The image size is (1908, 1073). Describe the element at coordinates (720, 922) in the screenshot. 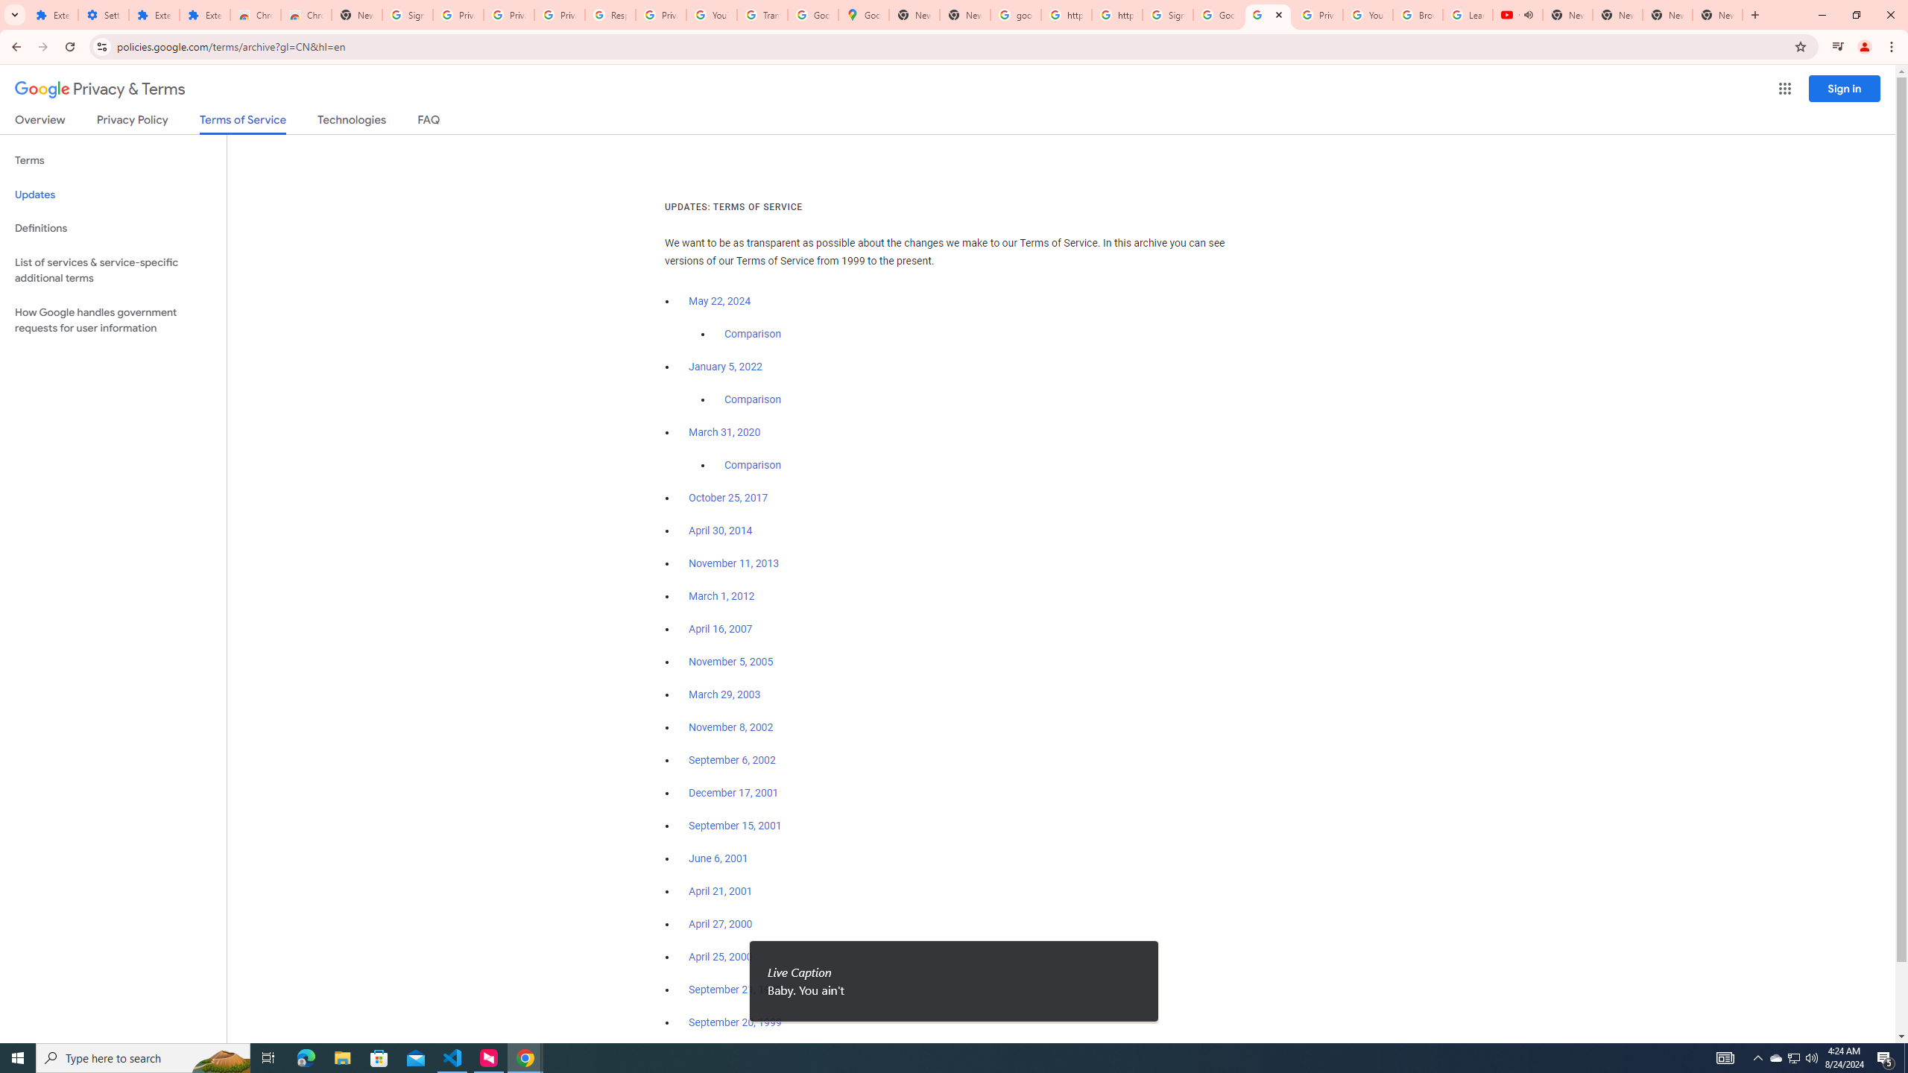

I see `'April 27, 2000'` at that location.